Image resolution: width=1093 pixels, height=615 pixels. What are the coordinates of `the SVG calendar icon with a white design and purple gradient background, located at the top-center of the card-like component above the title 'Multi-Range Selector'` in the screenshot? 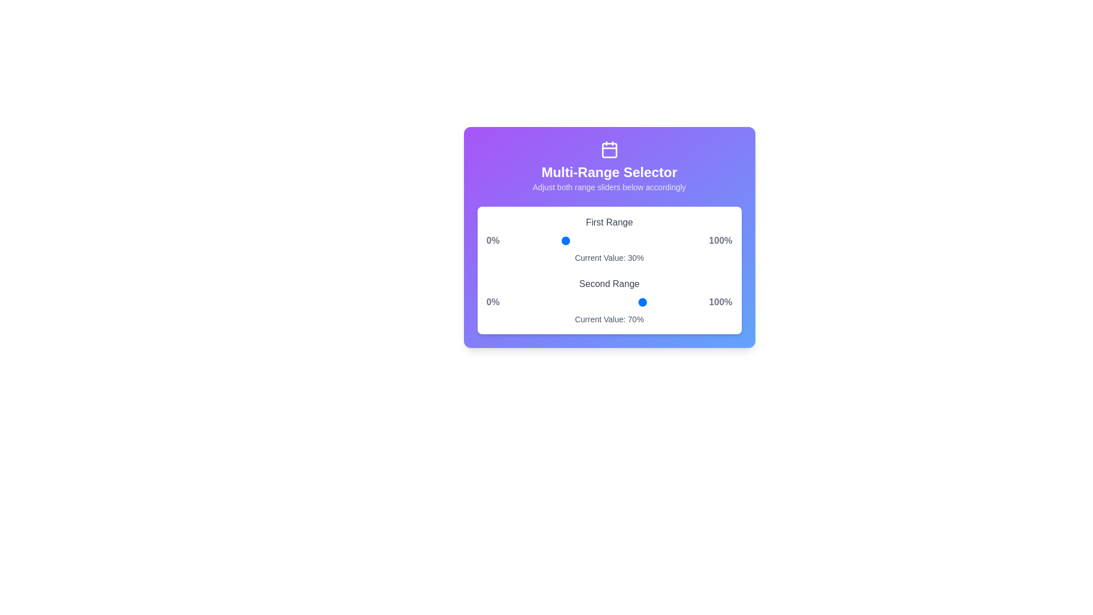 It's located at (609, 149).